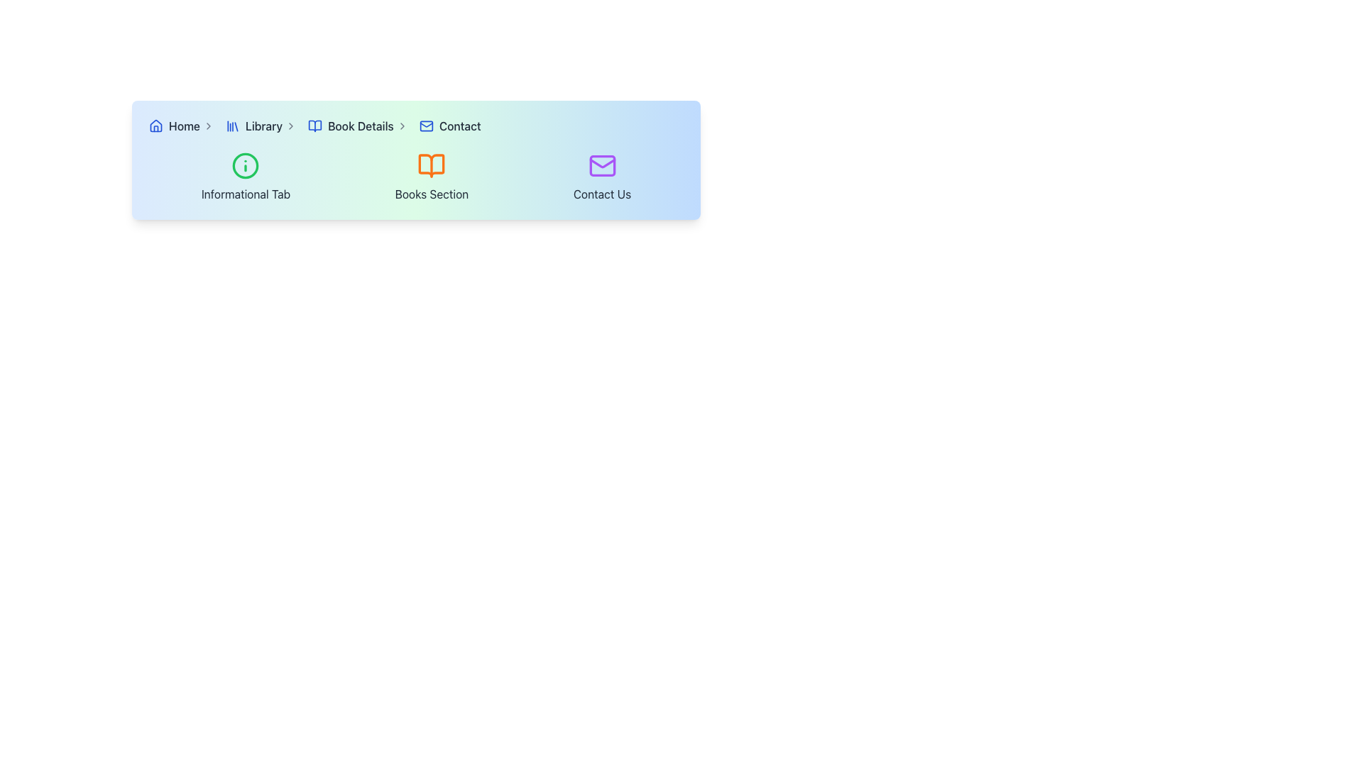 This screenshot has width=1363, height=766. Describe the element at coordinates (602, 177) in the screenshot. I see `the 'Contact Us' button in the horizontal menu` at that location.